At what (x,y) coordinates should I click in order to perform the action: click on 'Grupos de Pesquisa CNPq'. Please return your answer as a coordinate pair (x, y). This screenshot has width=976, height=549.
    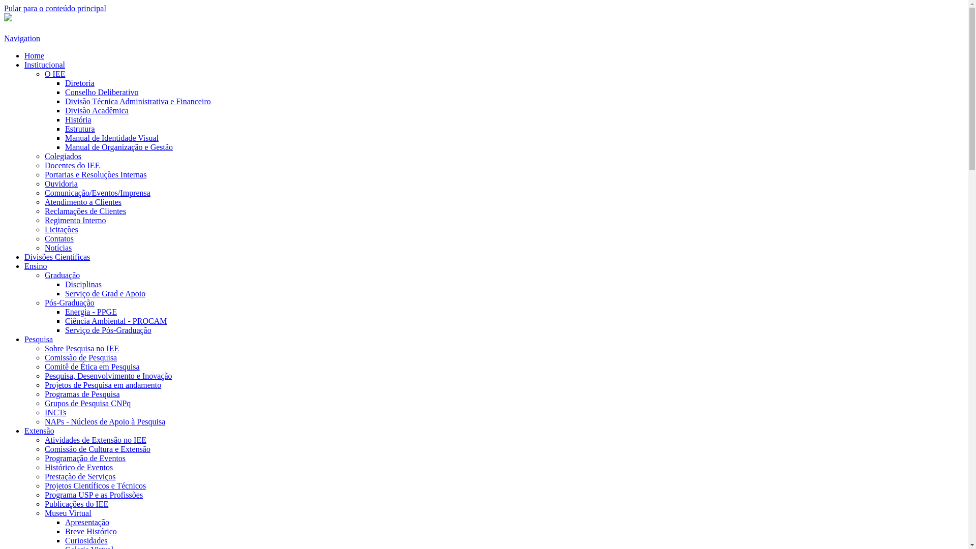
    Looking at the image, I should click on (87, 403).